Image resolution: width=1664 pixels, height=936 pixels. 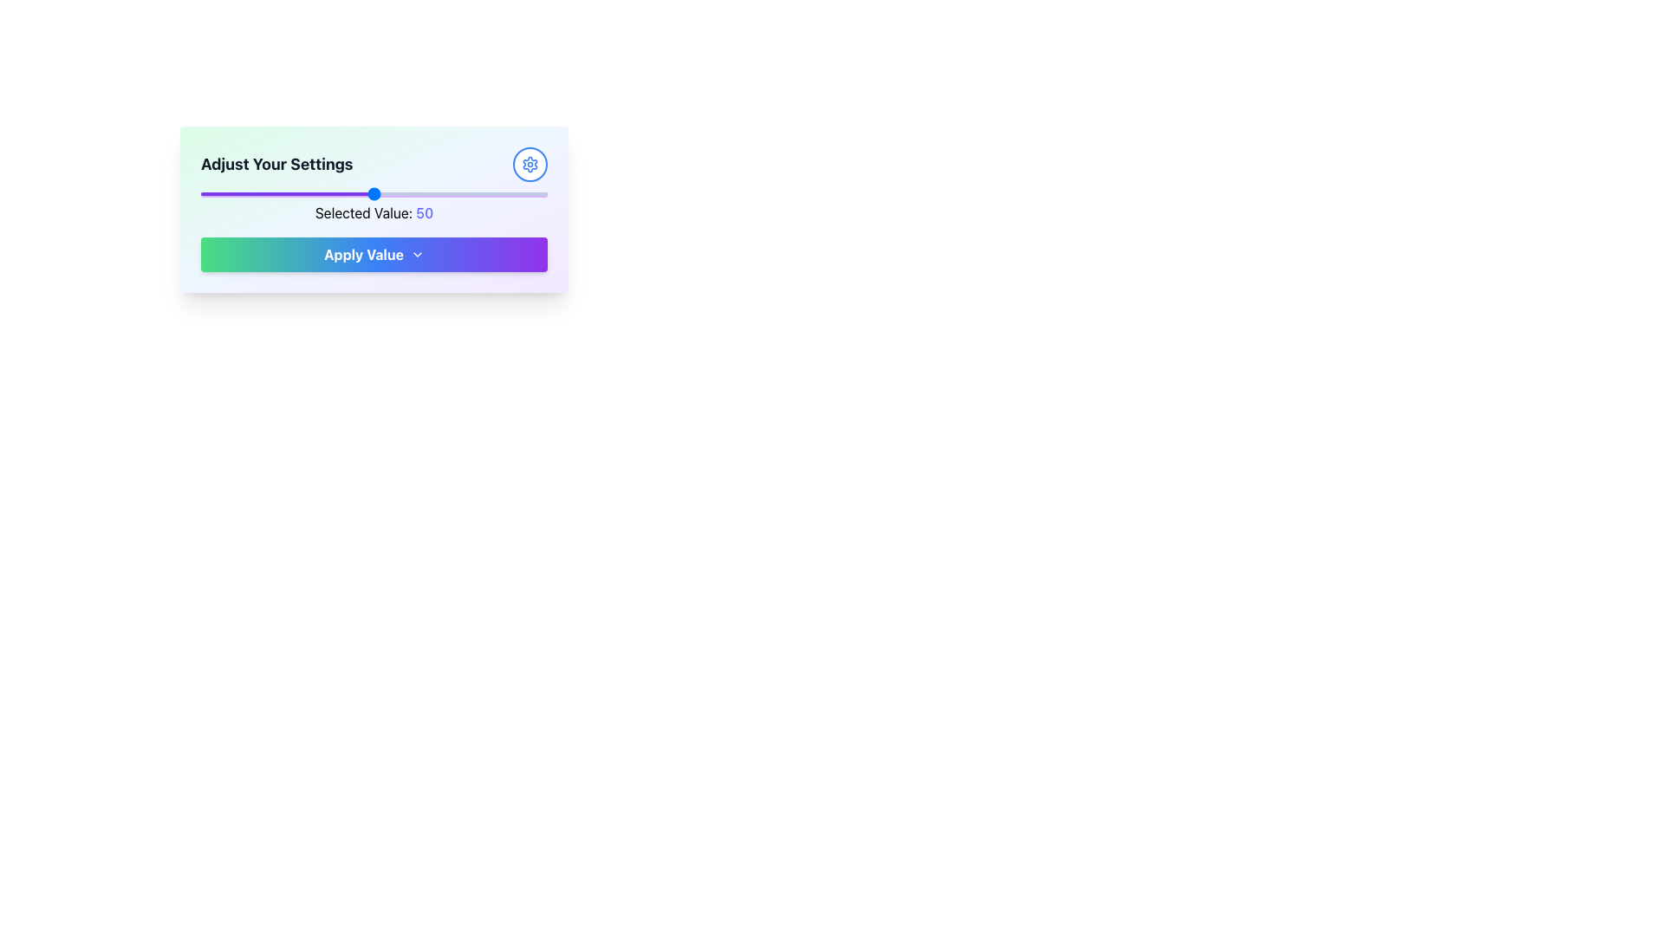 What do you see at coordinates (374, 212) in the screenshot?
I see `the static text display that shows 'Selected Value: 50' with indigo emphasis, located below the progress bar and above the 'Apply Value' button in the 'Adjust Your Settings' interface box` at bounding box center [374, 212].